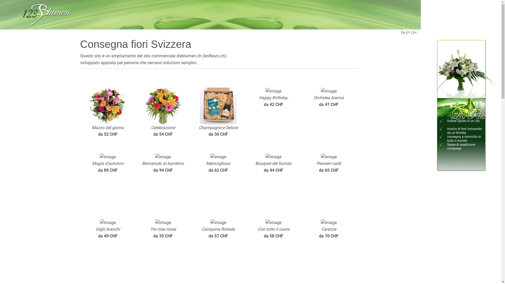 The image size is (505, 284). I want to click on 'En', so click(415, 33).